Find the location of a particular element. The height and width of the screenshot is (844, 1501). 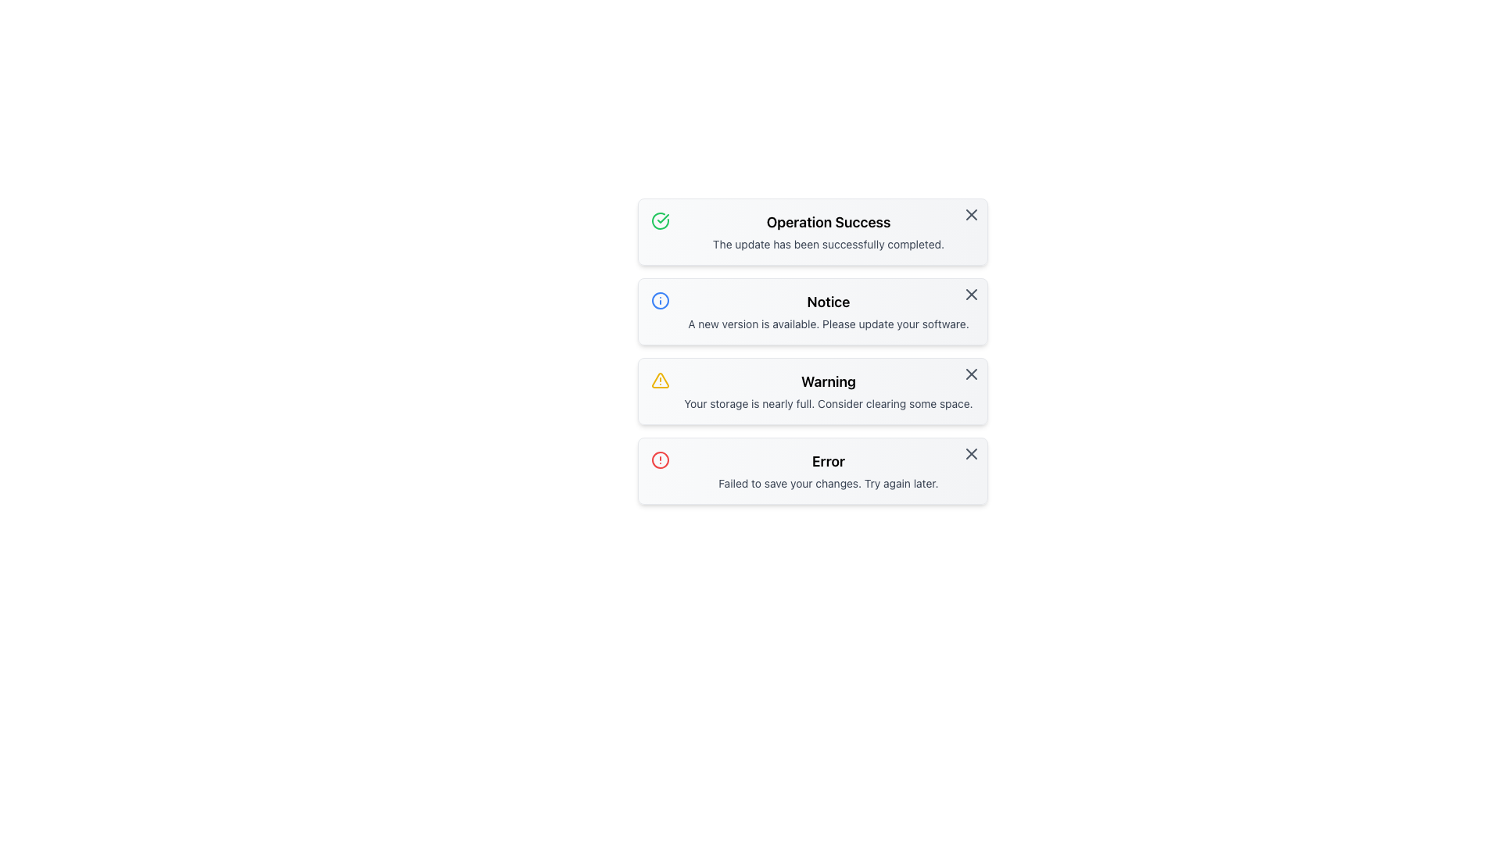

the Text label that serves as a title for the notification box, which is located in the second row of a vertically stacked list of notification cards, positioned above the text 'A new version is available. Please update your software.' is located at coordinates (828, 302).